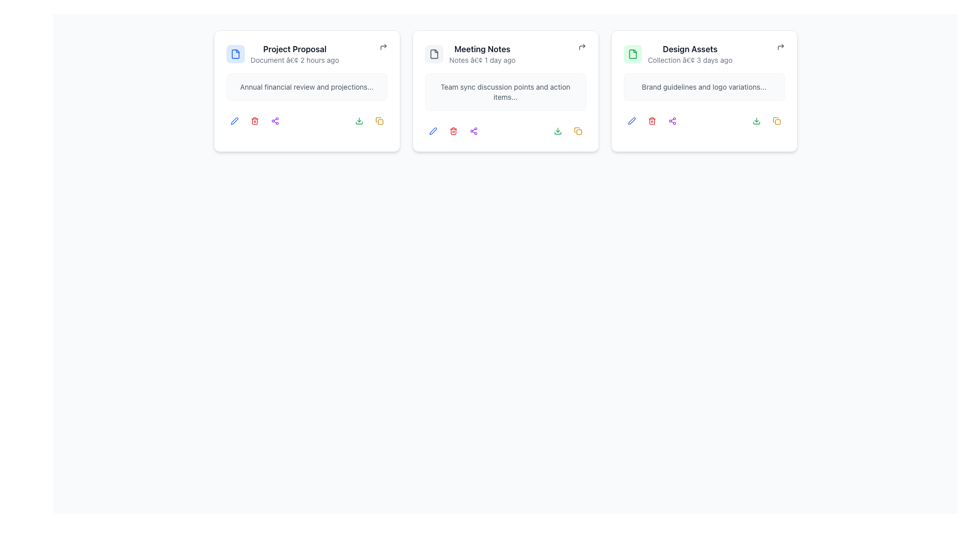 This screenshot has width=973, height=547. What do you see at coordinates (703, 91) in the screenshot?
I see `the 'Design Assets' interactive card` at bounding box center [703, 91].